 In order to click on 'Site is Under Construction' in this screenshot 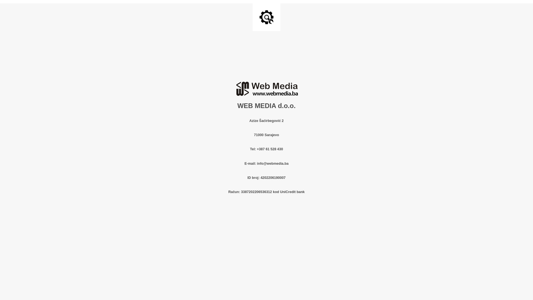, I will do `click(266, 17)`.